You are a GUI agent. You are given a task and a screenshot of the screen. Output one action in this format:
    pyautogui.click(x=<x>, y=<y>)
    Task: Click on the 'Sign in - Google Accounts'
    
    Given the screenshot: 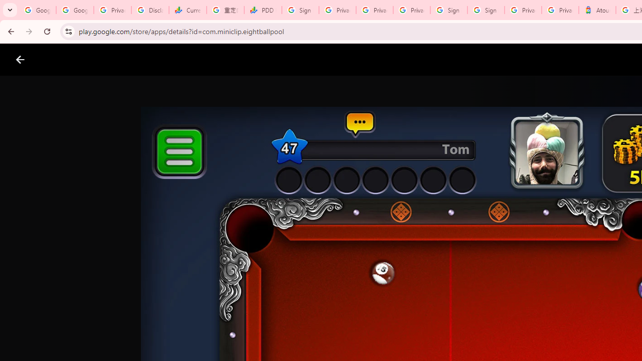 What is the action you would take?
    pyautogui.click(x=448, y=10)
    